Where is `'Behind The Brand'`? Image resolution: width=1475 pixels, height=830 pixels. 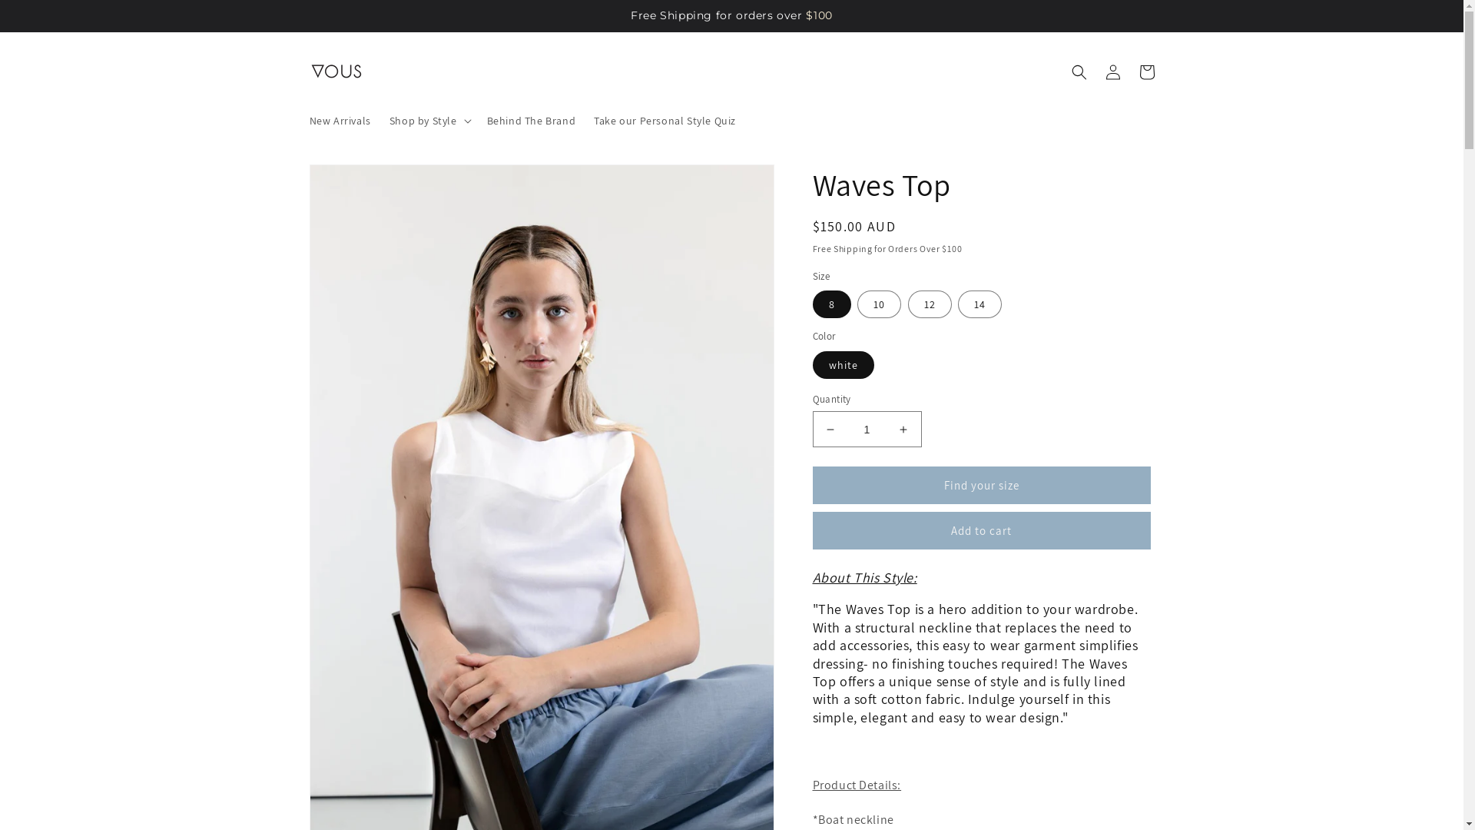 'Behind The Brand' is located at coordinates (531, 120).